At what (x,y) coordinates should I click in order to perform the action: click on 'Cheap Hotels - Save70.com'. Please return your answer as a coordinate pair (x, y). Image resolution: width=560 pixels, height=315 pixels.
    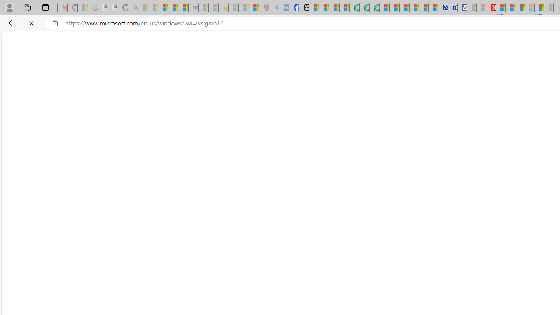
    Looking at the image, I should click on (452, 7).